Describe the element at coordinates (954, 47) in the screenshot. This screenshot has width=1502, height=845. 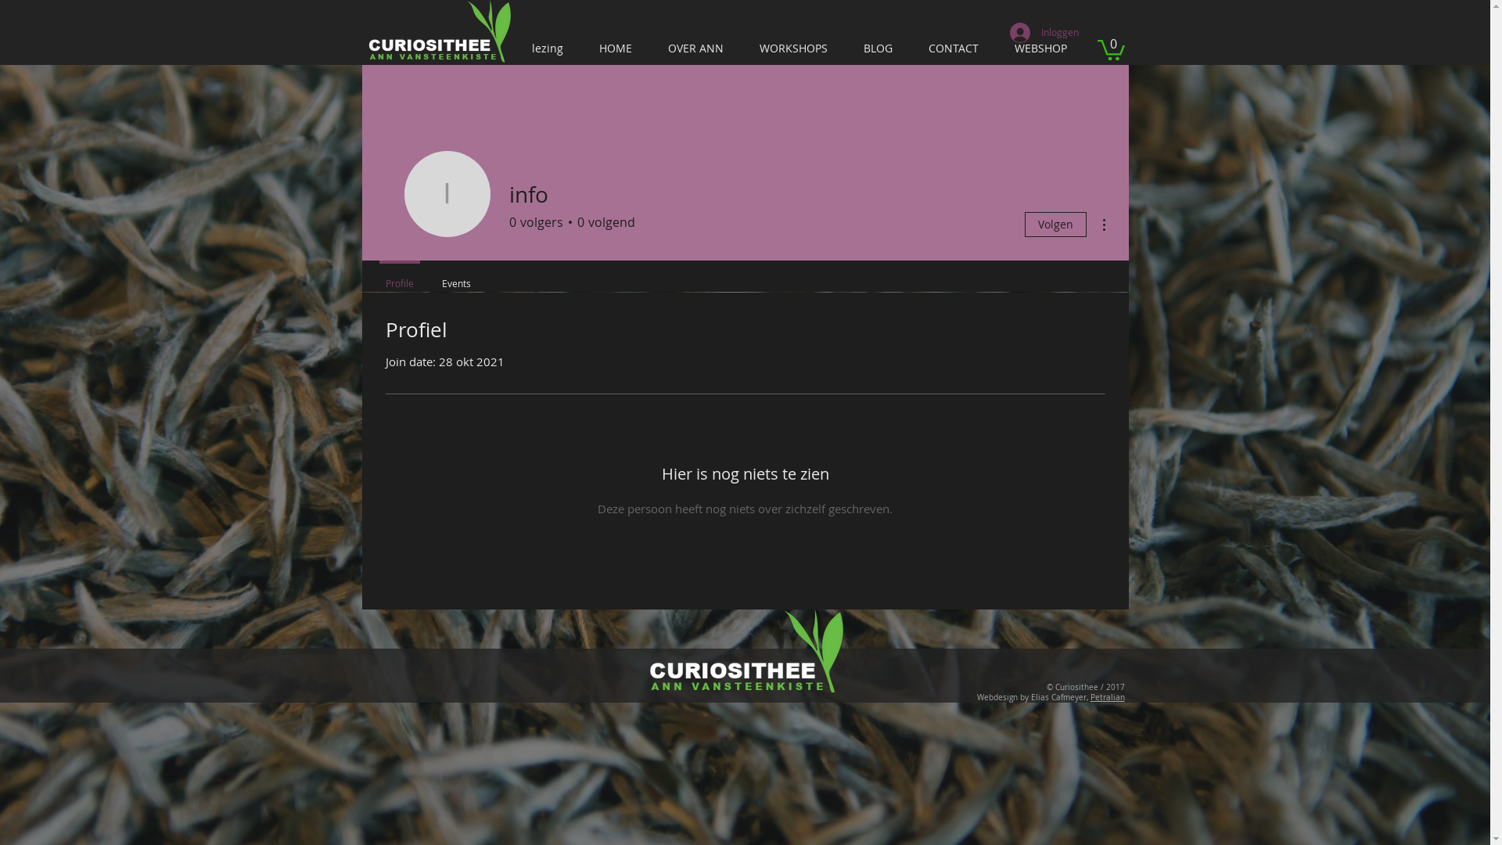
I see `'CONTACT'` at that location.